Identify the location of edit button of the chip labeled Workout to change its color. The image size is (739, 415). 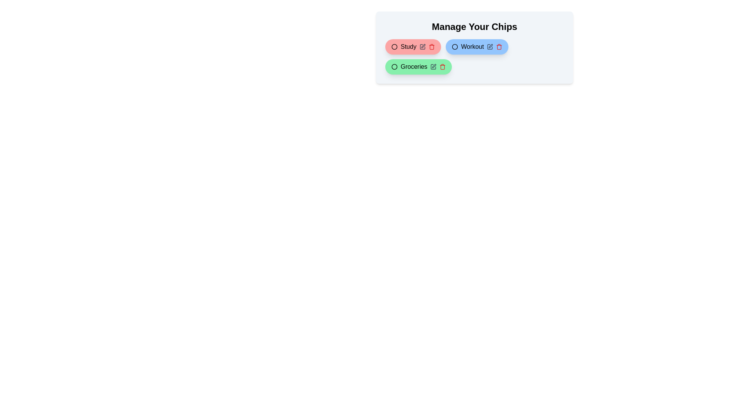
(490, 47).